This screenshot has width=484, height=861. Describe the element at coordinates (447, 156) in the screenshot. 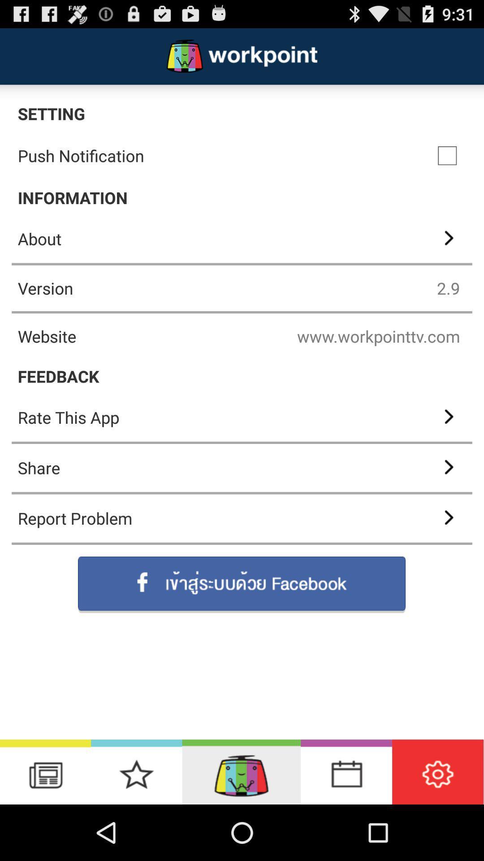

I see `push notification option` at that location.